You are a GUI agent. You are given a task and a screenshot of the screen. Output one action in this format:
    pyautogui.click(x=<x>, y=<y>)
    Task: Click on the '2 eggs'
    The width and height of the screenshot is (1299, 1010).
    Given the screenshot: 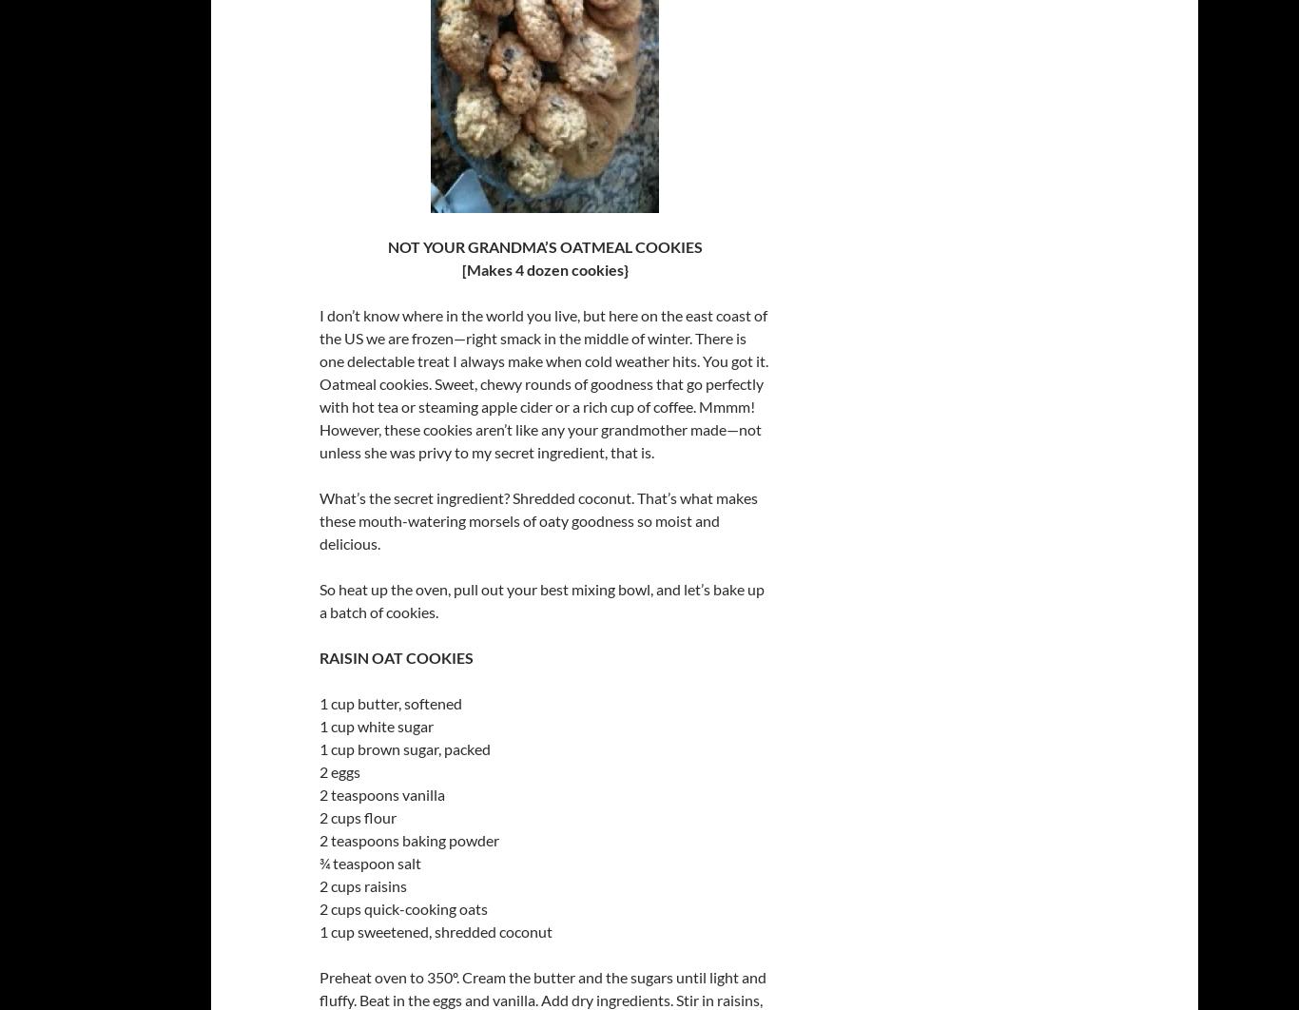 What is the action you would take?
    pyautogui.click(x=339, y=770)
    